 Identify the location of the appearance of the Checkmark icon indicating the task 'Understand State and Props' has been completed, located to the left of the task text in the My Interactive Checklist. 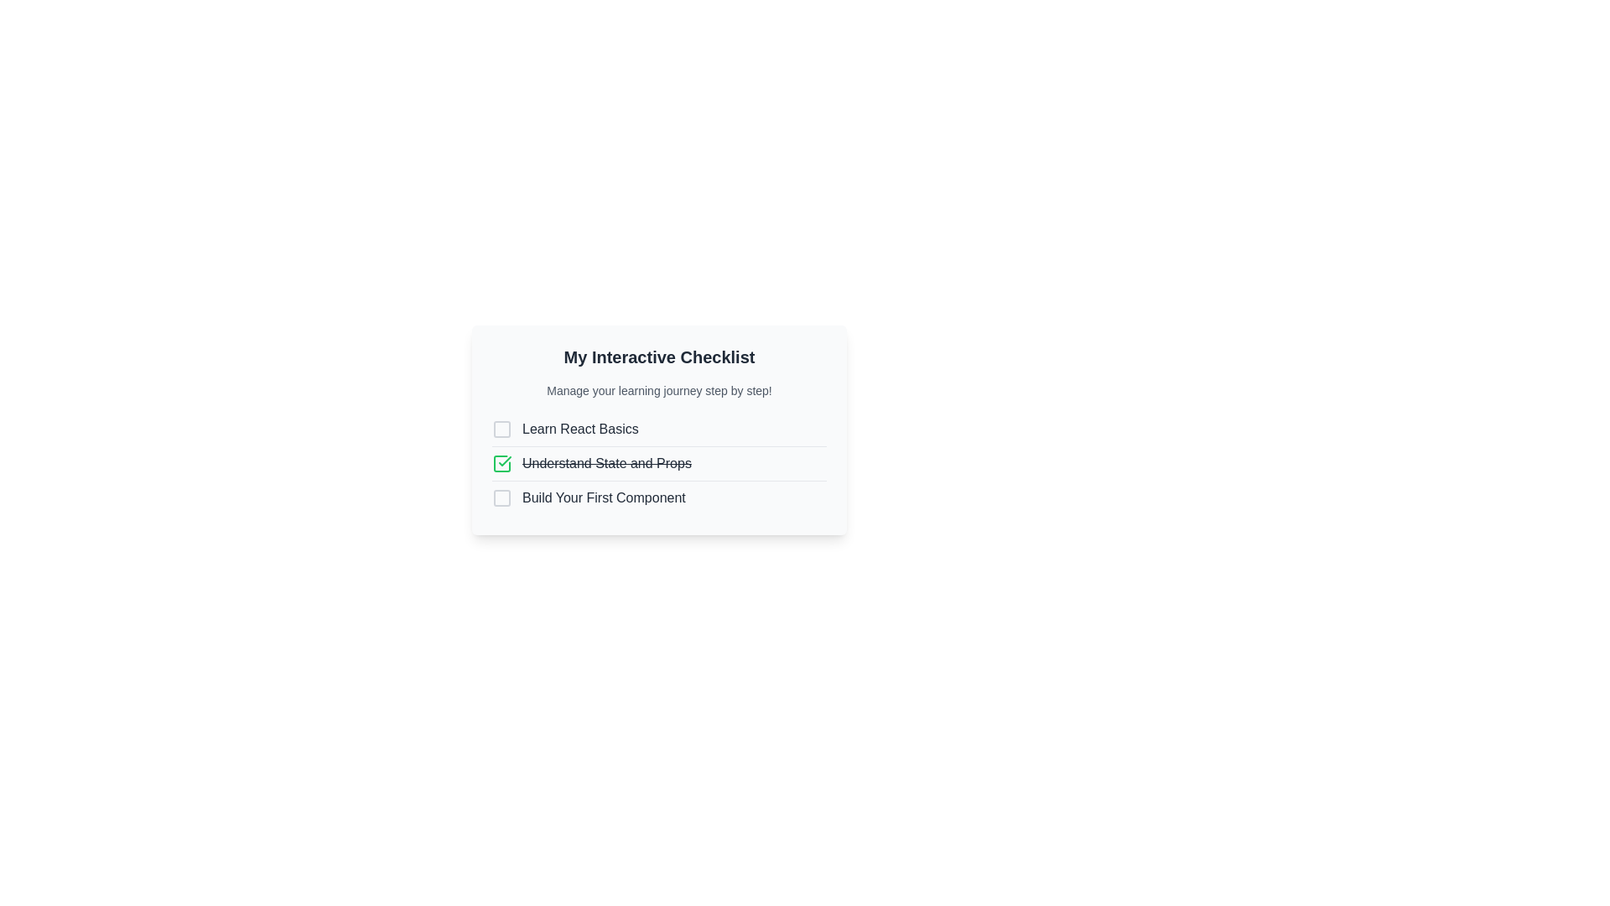
(501, 463).